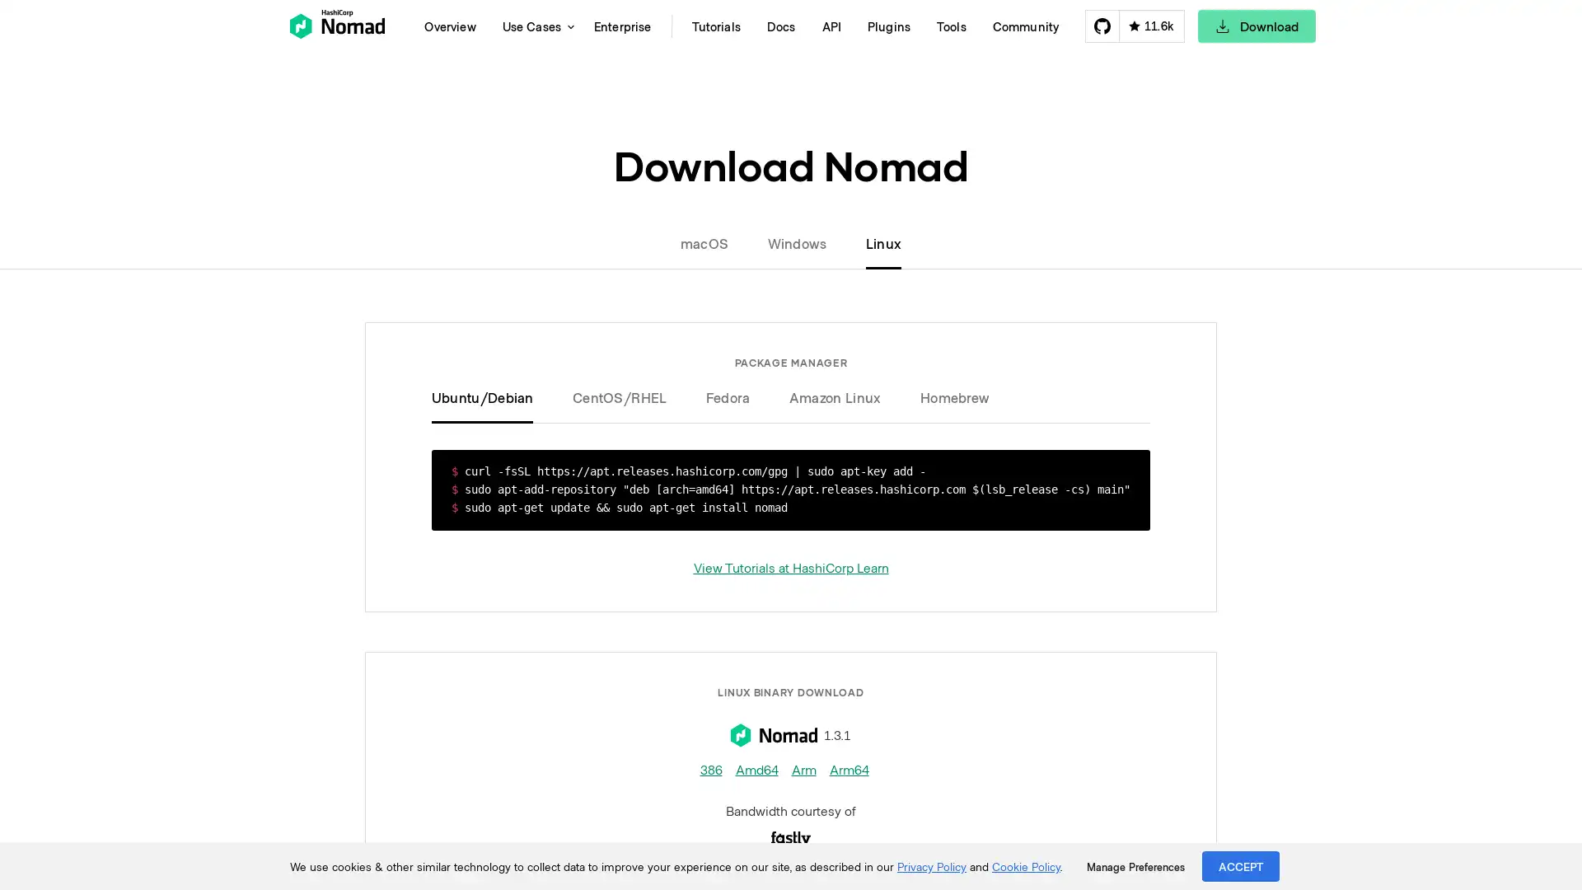 Image resolution: width=1582 pixels, height=890 pixels. I want to click on Amazon Linux, so click(835, 397).